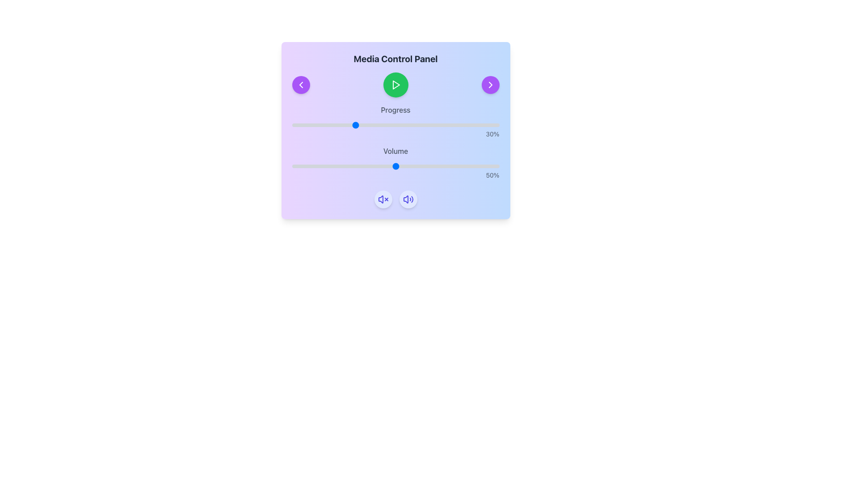 The width and height of the screenshot is (858, 483). I want to click on progress, so click(451, 125).